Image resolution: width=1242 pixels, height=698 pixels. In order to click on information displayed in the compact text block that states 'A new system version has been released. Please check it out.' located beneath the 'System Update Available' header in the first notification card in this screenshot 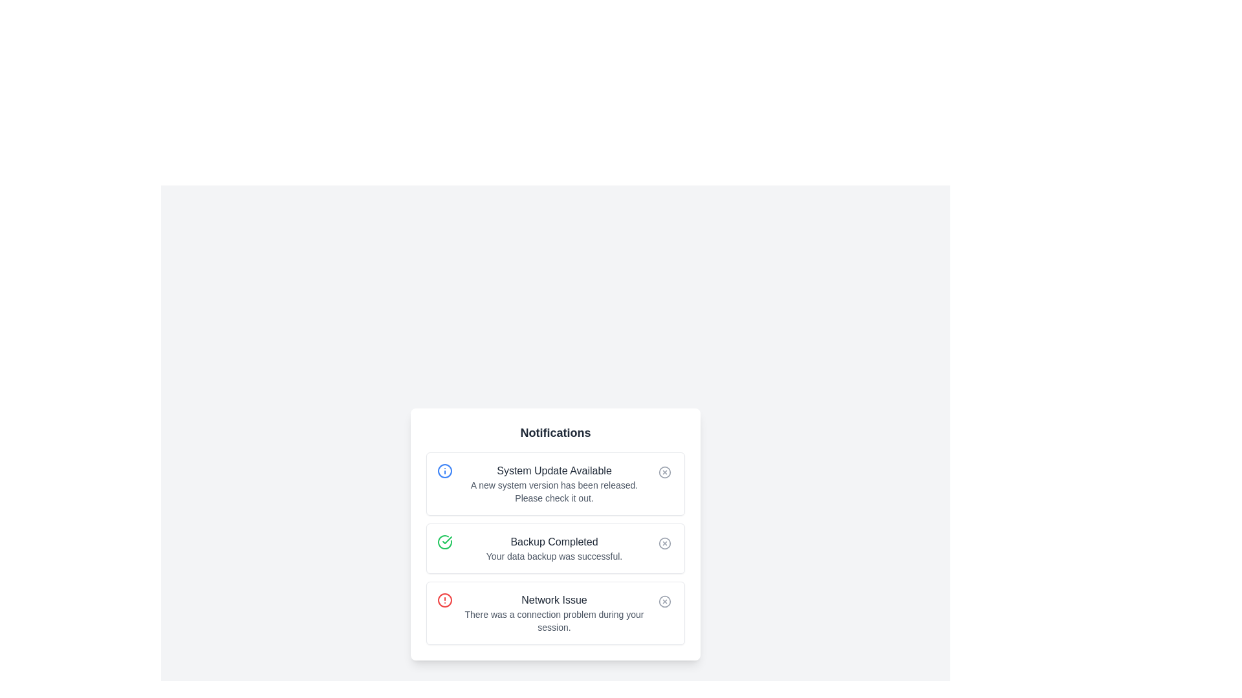, I will do `click(554, 491)`.